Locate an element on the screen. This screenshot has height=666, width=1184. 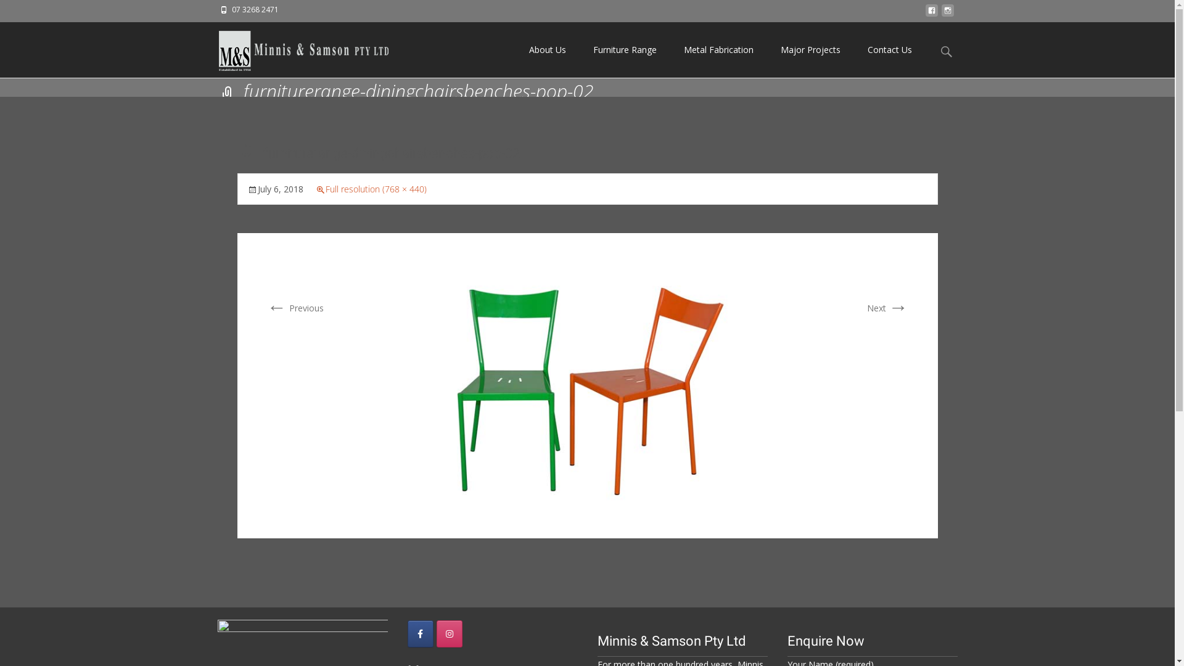
'furniturerange-diningchairsbenches-pop-02' is located at coordinates (363, 384).